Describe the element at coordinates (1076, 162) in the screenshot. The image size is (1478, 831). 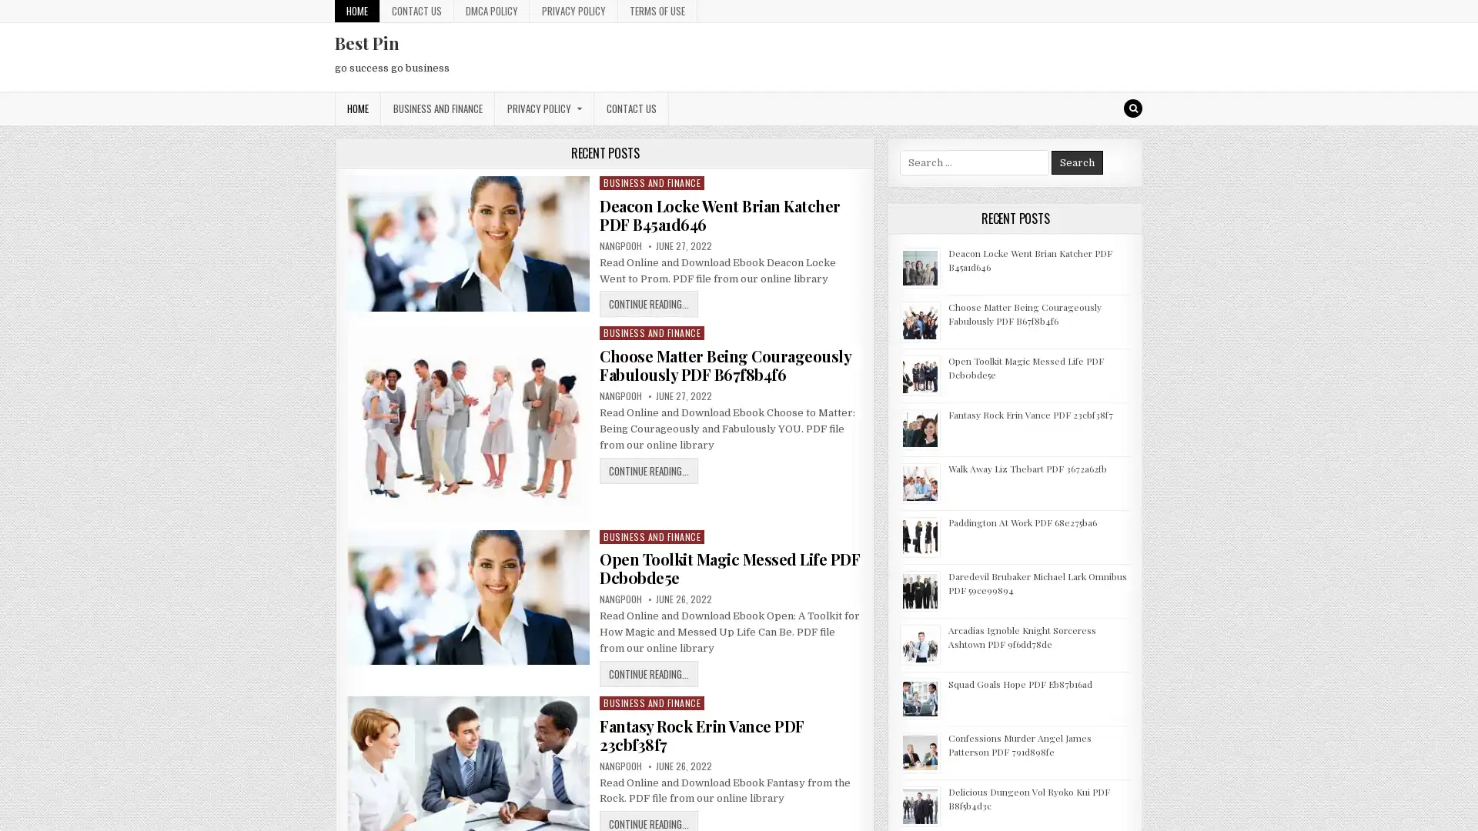
I see `Search` at that location.